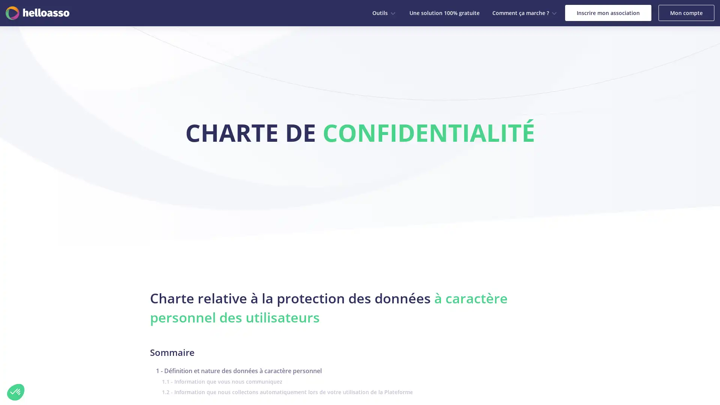  Describe the element at coordinates (86, 354) in the screenshot. I see `Consentements certifies par` at that location.